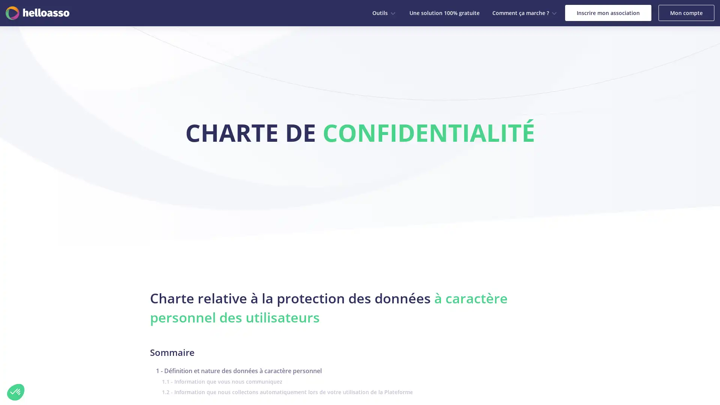  Describe the element at coordinates (86, 354) in the screenshot. I see `Consentements certifies par` at that location.